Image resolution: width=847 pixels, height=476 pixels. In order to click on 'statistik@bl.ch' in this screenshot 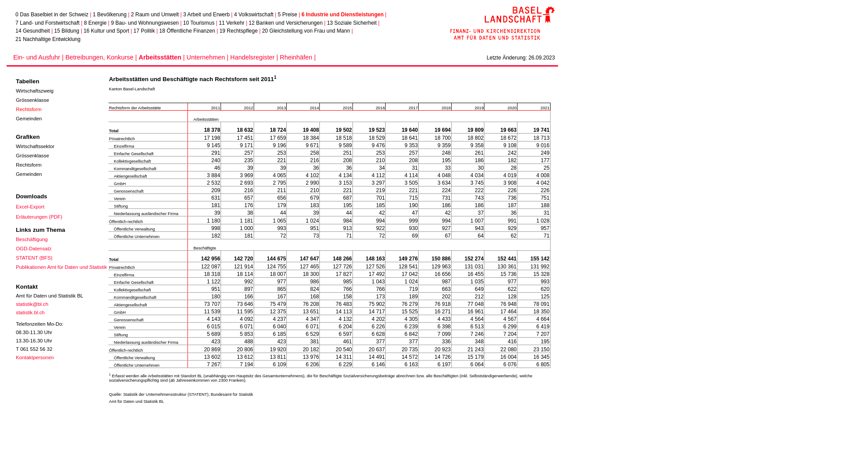, I will do `click(32, 304)`.